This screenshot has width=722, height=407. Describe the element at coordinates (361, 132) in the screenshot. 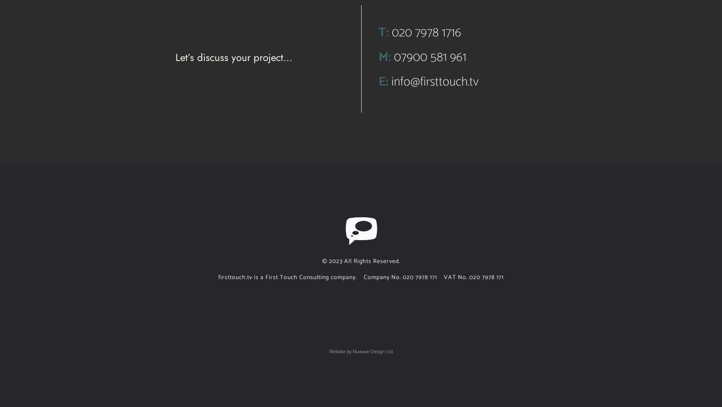

I see `'Once again you have managed to create the most informative and engaging videos. I have always found your ability to tell a story, in a compelling and interesting way, inspiring.'` at that location.